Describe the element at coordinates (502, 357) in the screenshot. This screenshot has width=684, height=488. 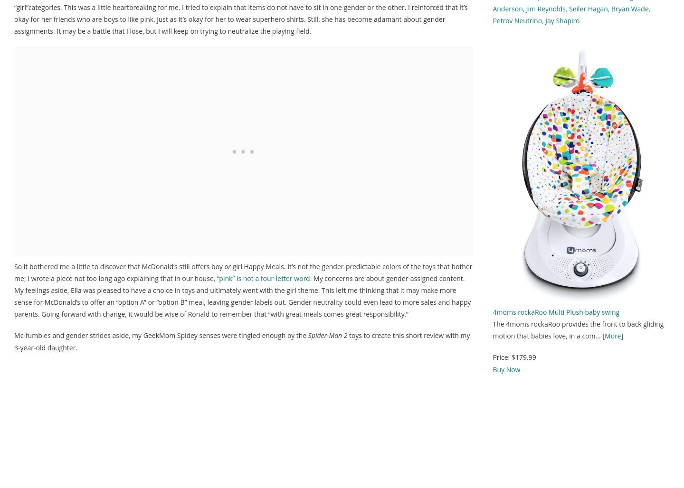
I see `'Price:'` at that location.